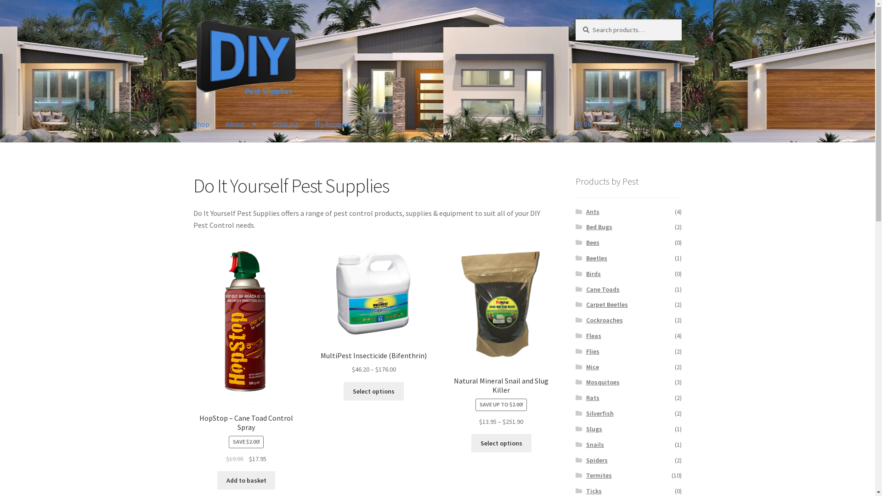  I want to click on 'Ticks', so click(594, 490).